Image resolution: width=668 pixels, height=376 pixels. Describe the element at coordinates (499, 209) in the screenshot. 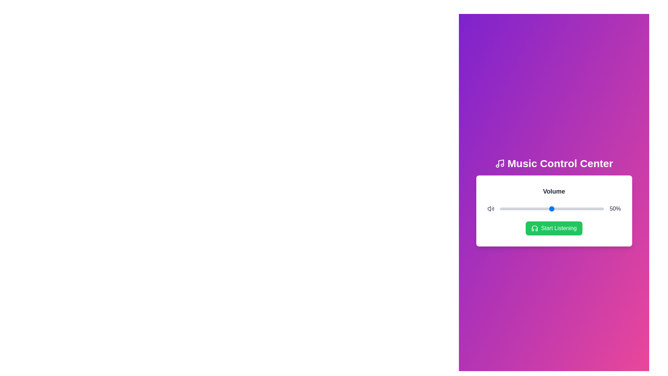

I see `the volume slider to 0%` at that location.